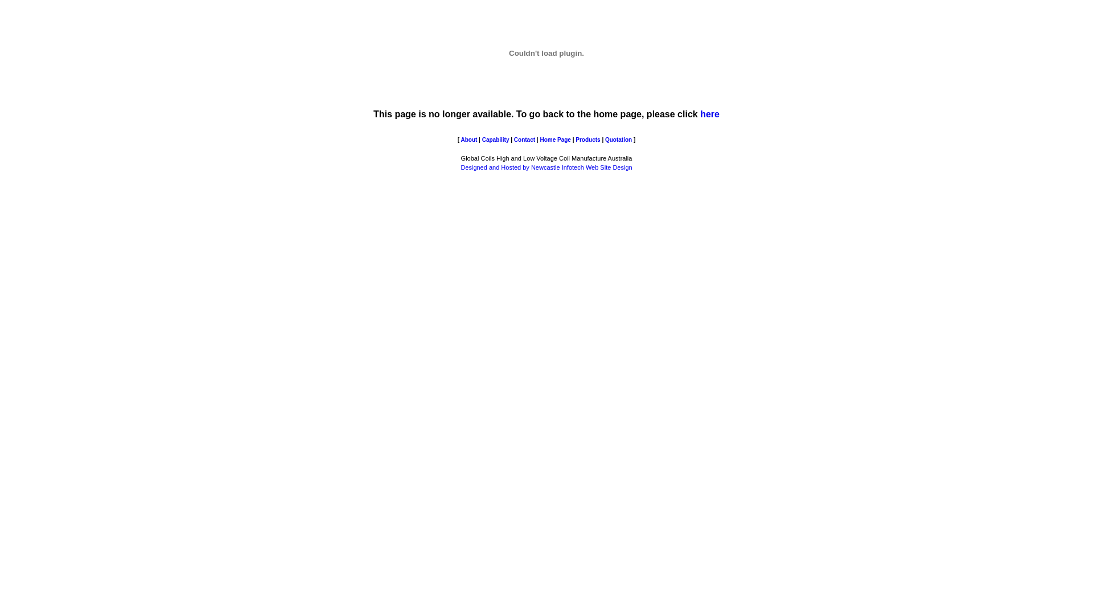  Describe the element at coordinates (587, 139) in the screenshot. I see `'Products'` at that location.